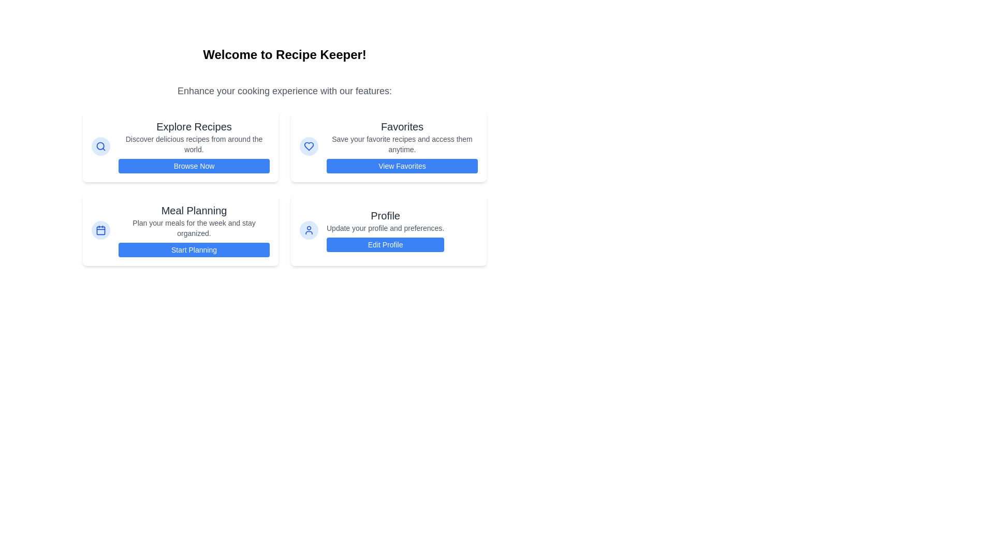 Image resolution: width=994 pixels, height=559 pixels. What do you see at coordinates (308, 146) in the screenshot?
I see `the heart-shaped outline icon in blue, located within the 'Favorites' card, positioned to the left of the text 'Favorites'` at bounding box center [308, 146].